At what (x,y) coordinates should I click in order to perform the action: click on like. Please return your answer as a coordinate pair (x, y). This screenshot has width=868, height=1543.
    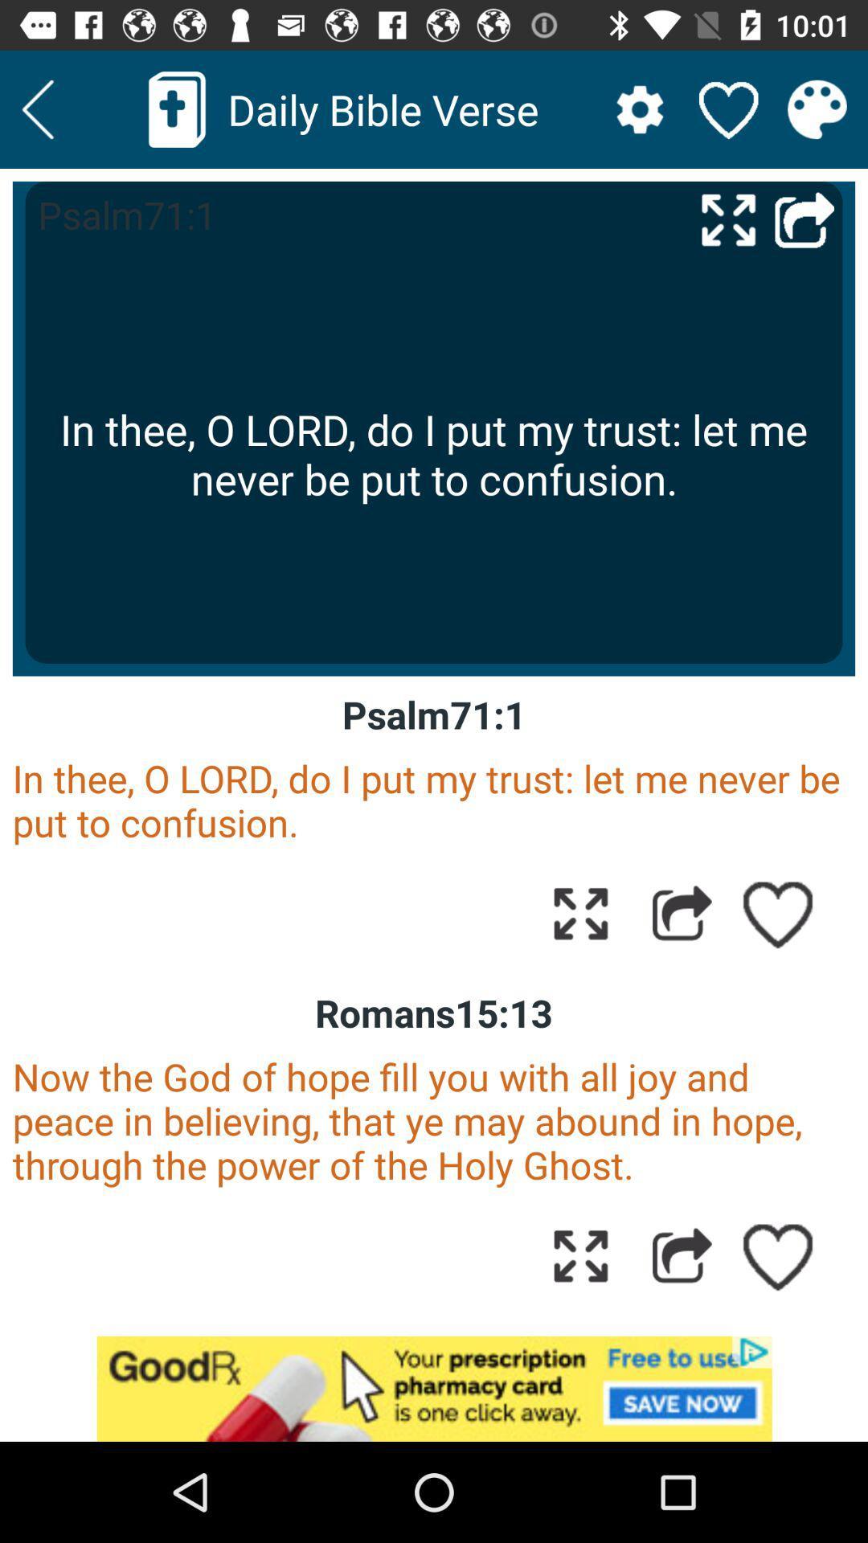
    Looking at the image, I should click on (778, 1254).